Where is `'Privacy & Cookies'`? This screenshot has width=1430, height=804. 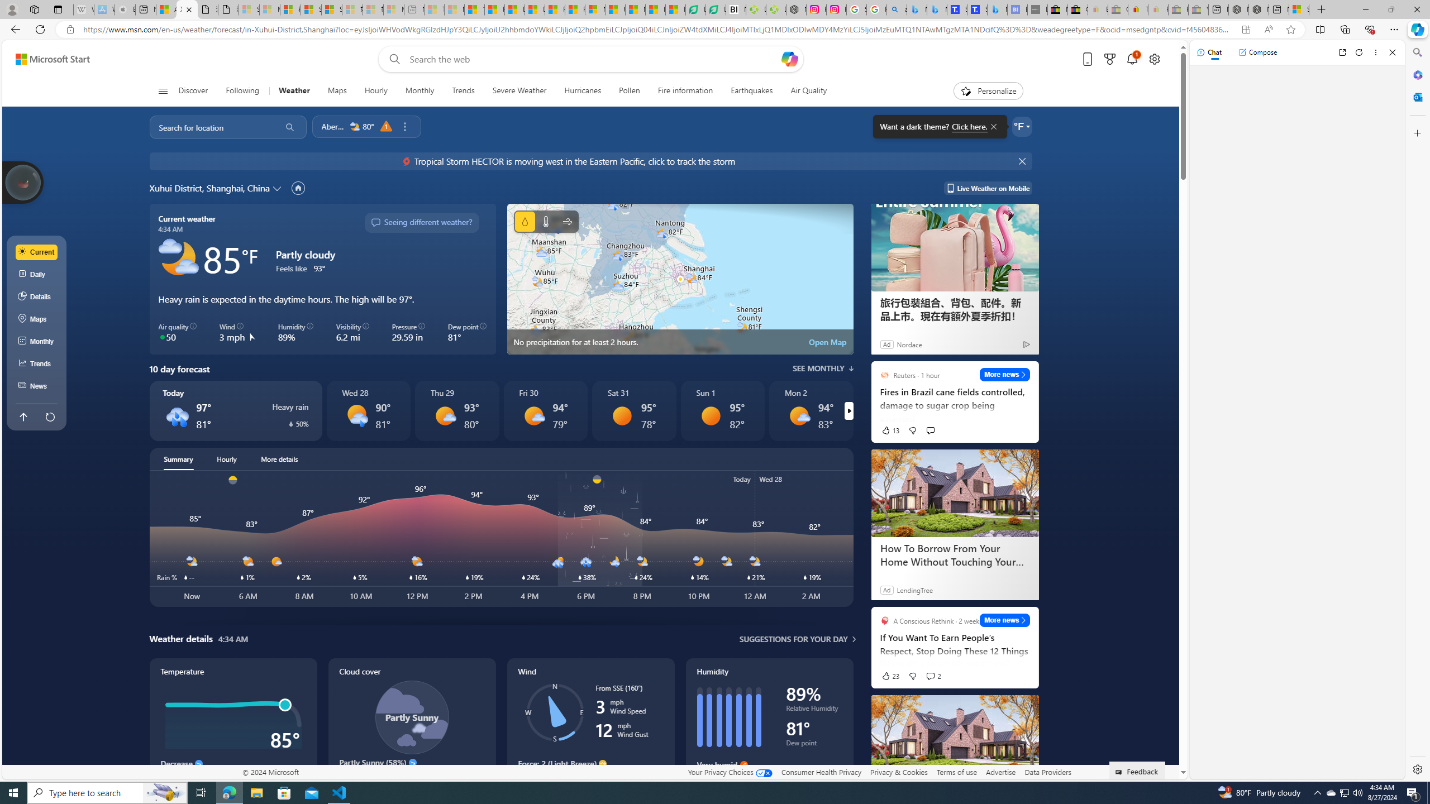 'Privacy & Cookies' is located at coordinates (899, 772).